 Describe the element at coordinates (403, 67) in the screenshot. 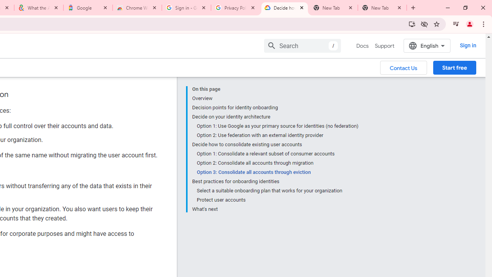

I see `'Contact Us'` at that location.